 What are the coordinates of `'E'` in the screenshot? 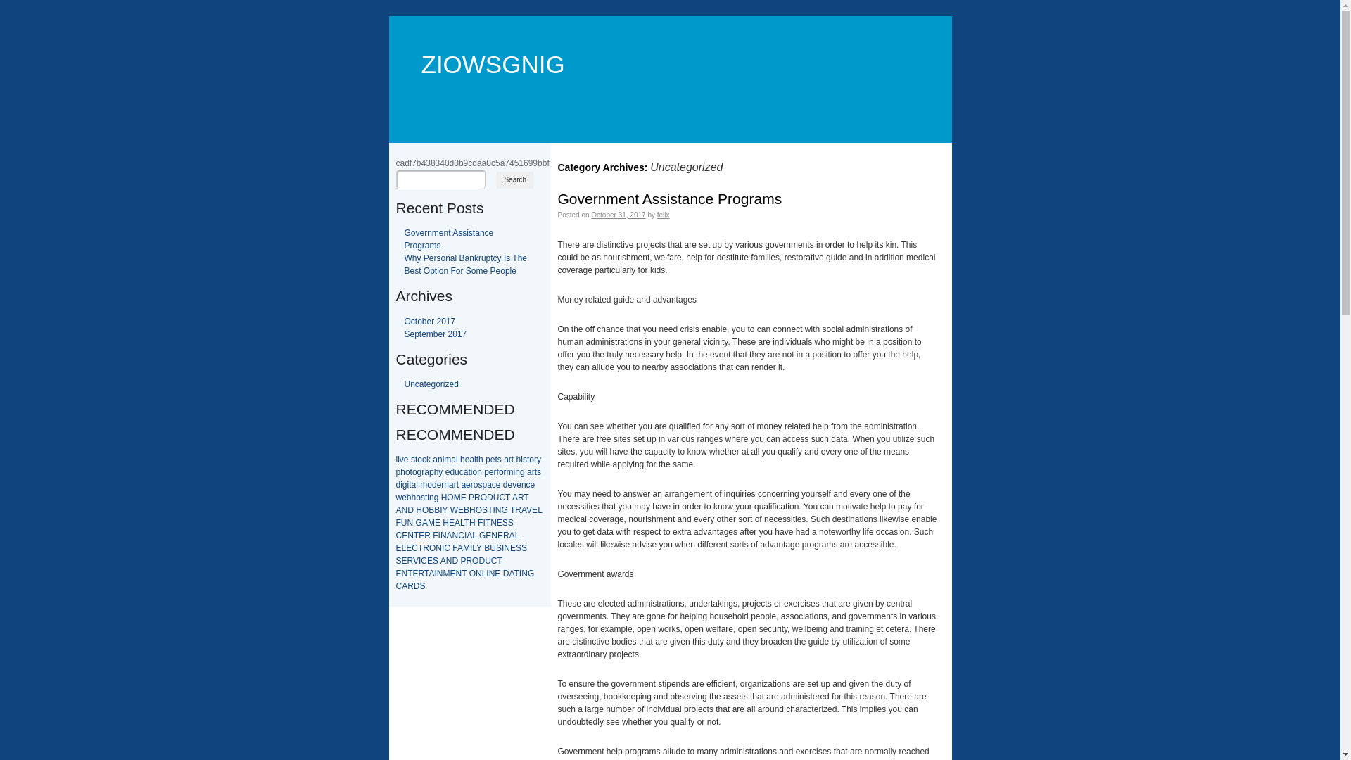 It's located at (407, 547).